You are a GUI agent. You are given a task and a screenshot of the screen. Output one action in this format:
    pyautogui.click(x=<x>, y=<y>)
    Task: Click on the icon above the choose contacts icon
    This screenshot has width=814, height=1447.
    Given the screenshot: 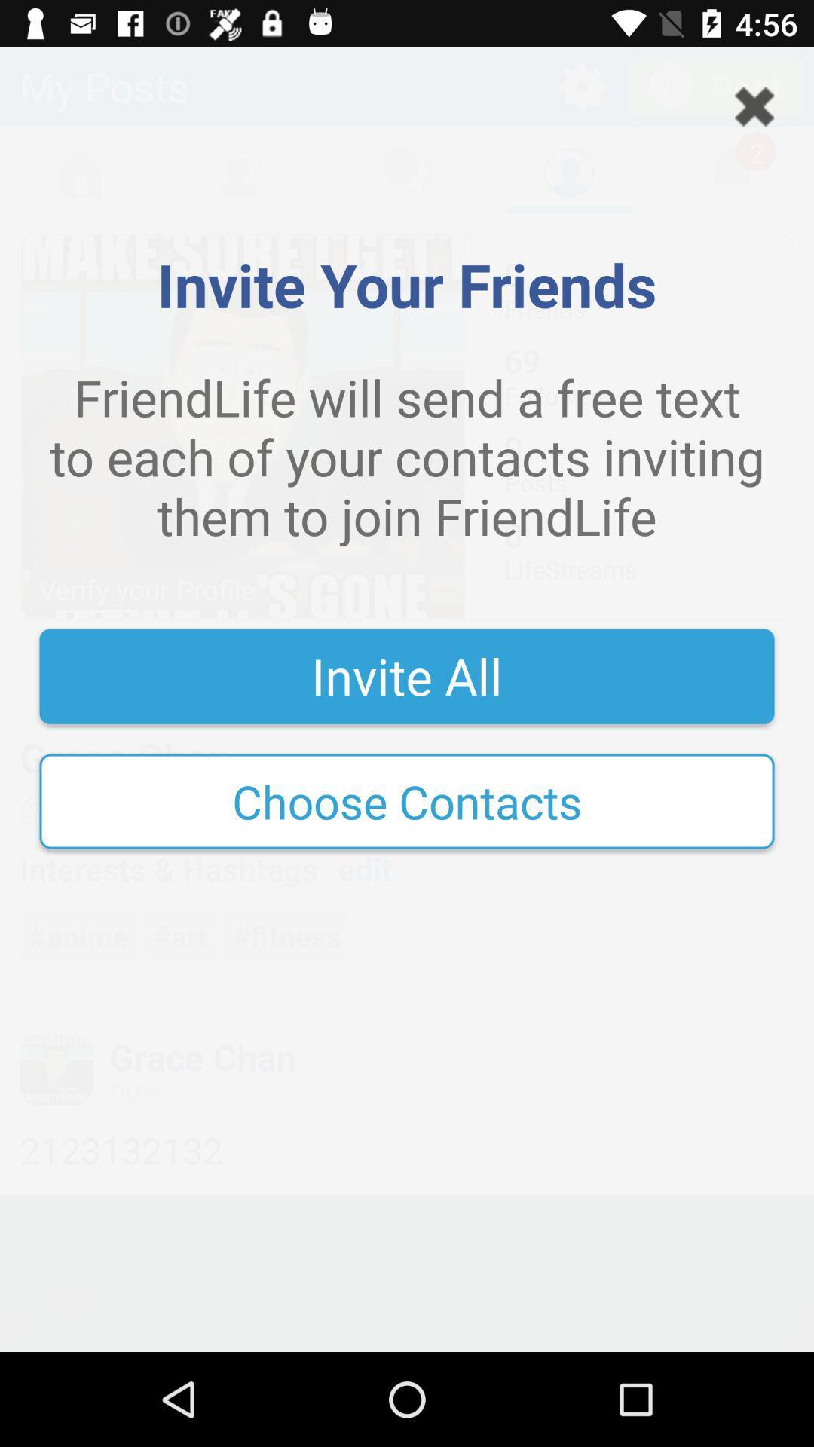 What is the action you would take?
    pyautogui.click(x=407, y=675)
    